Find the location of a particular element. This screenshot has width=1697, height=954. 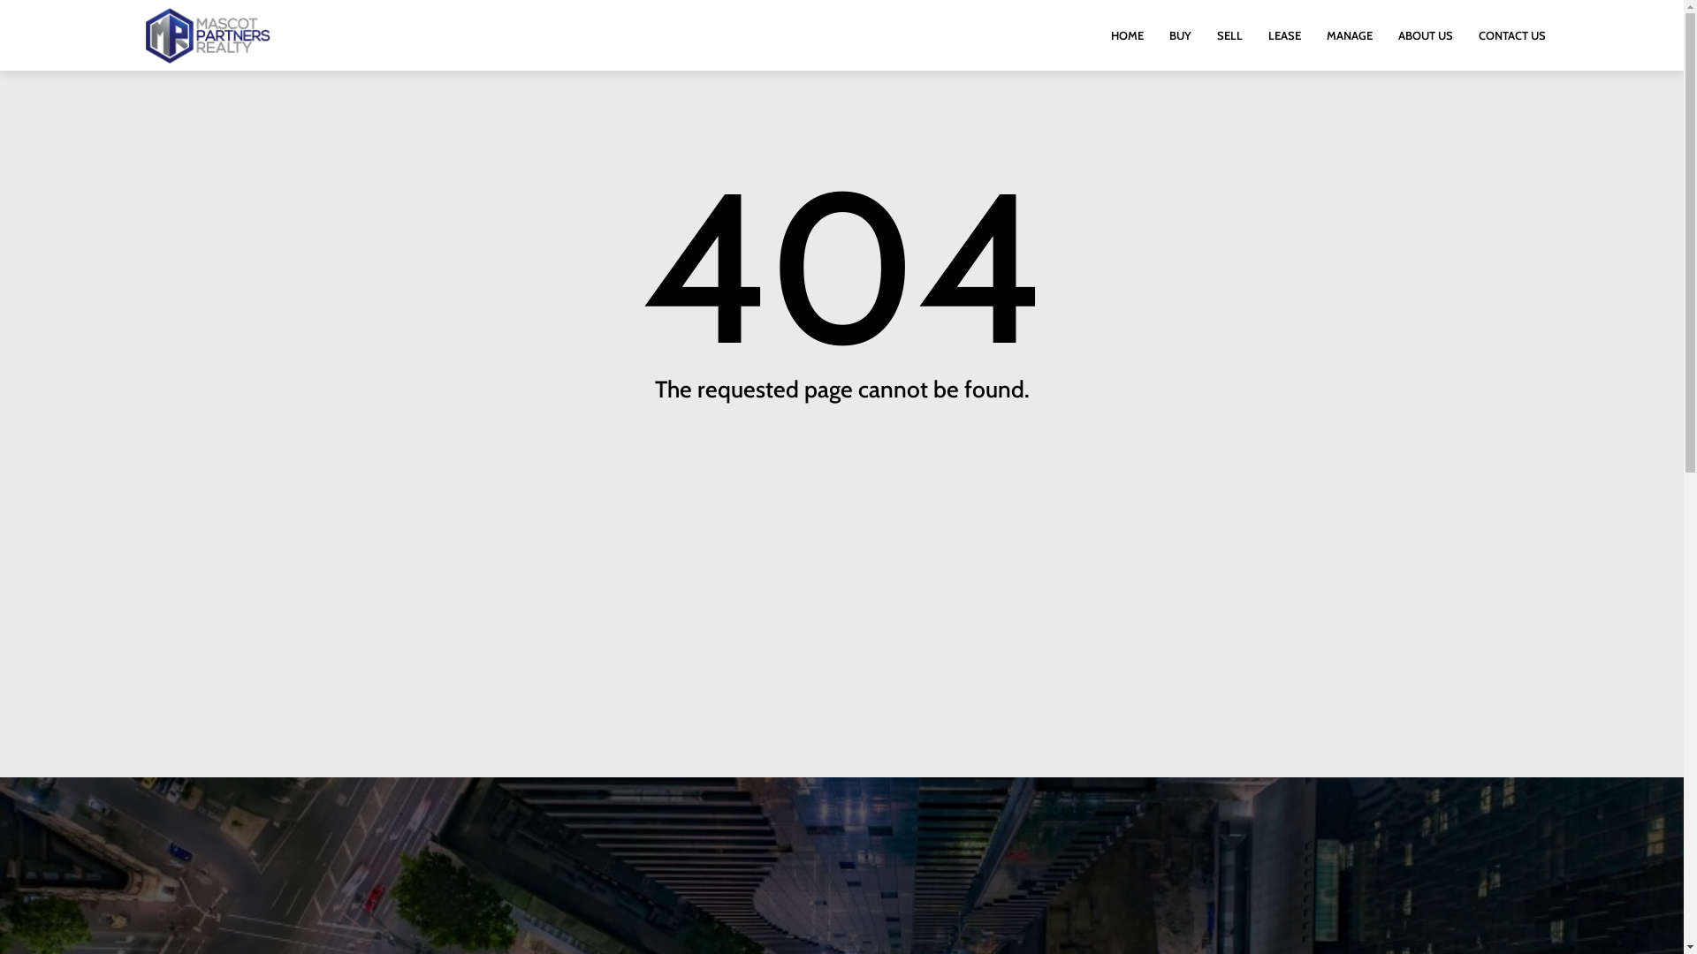

'LEASE' is located at coordinates (1284, 34).